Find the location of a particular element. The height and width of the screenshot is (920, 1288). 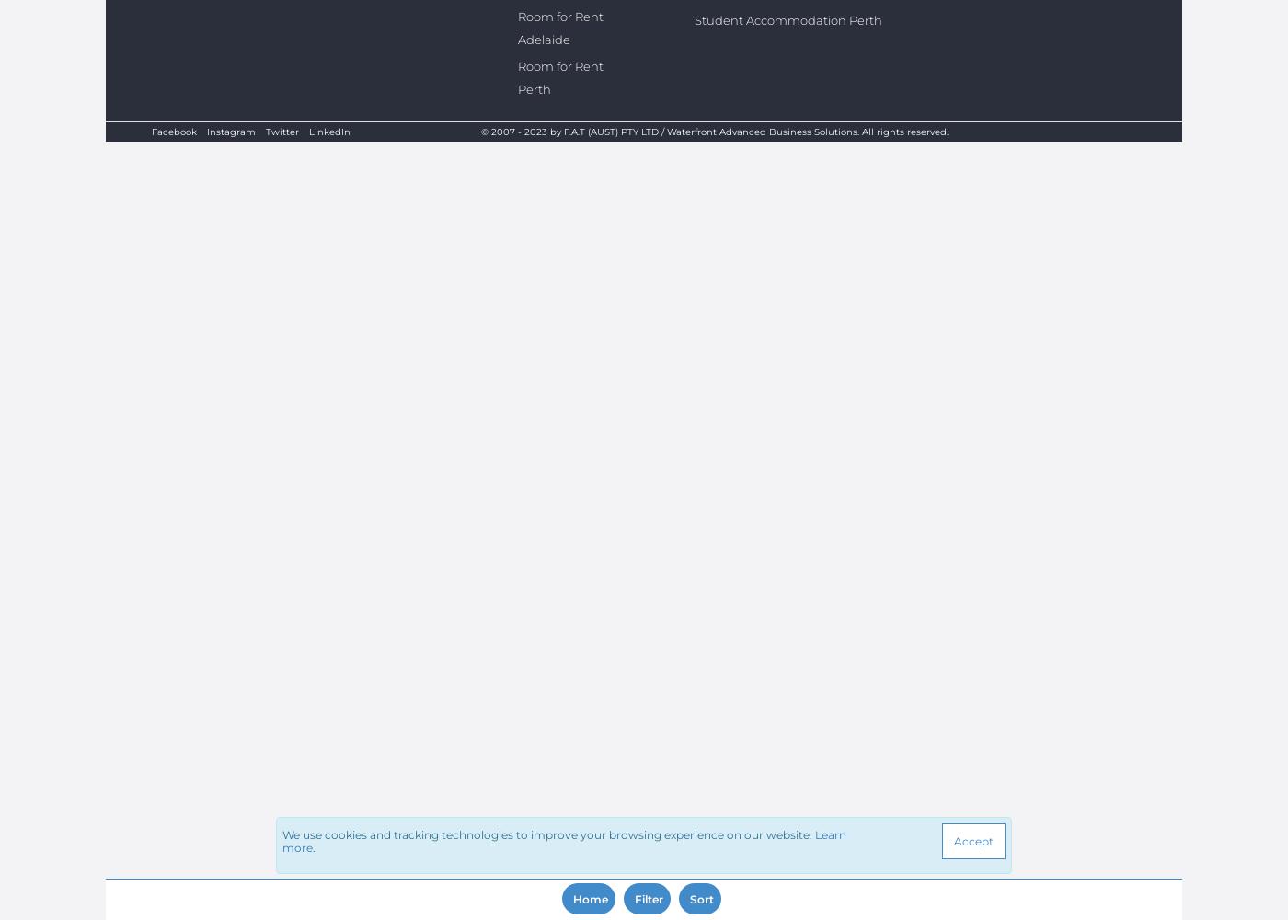

'Room for Rent Adelaide' is located at coordinates (560, 28).